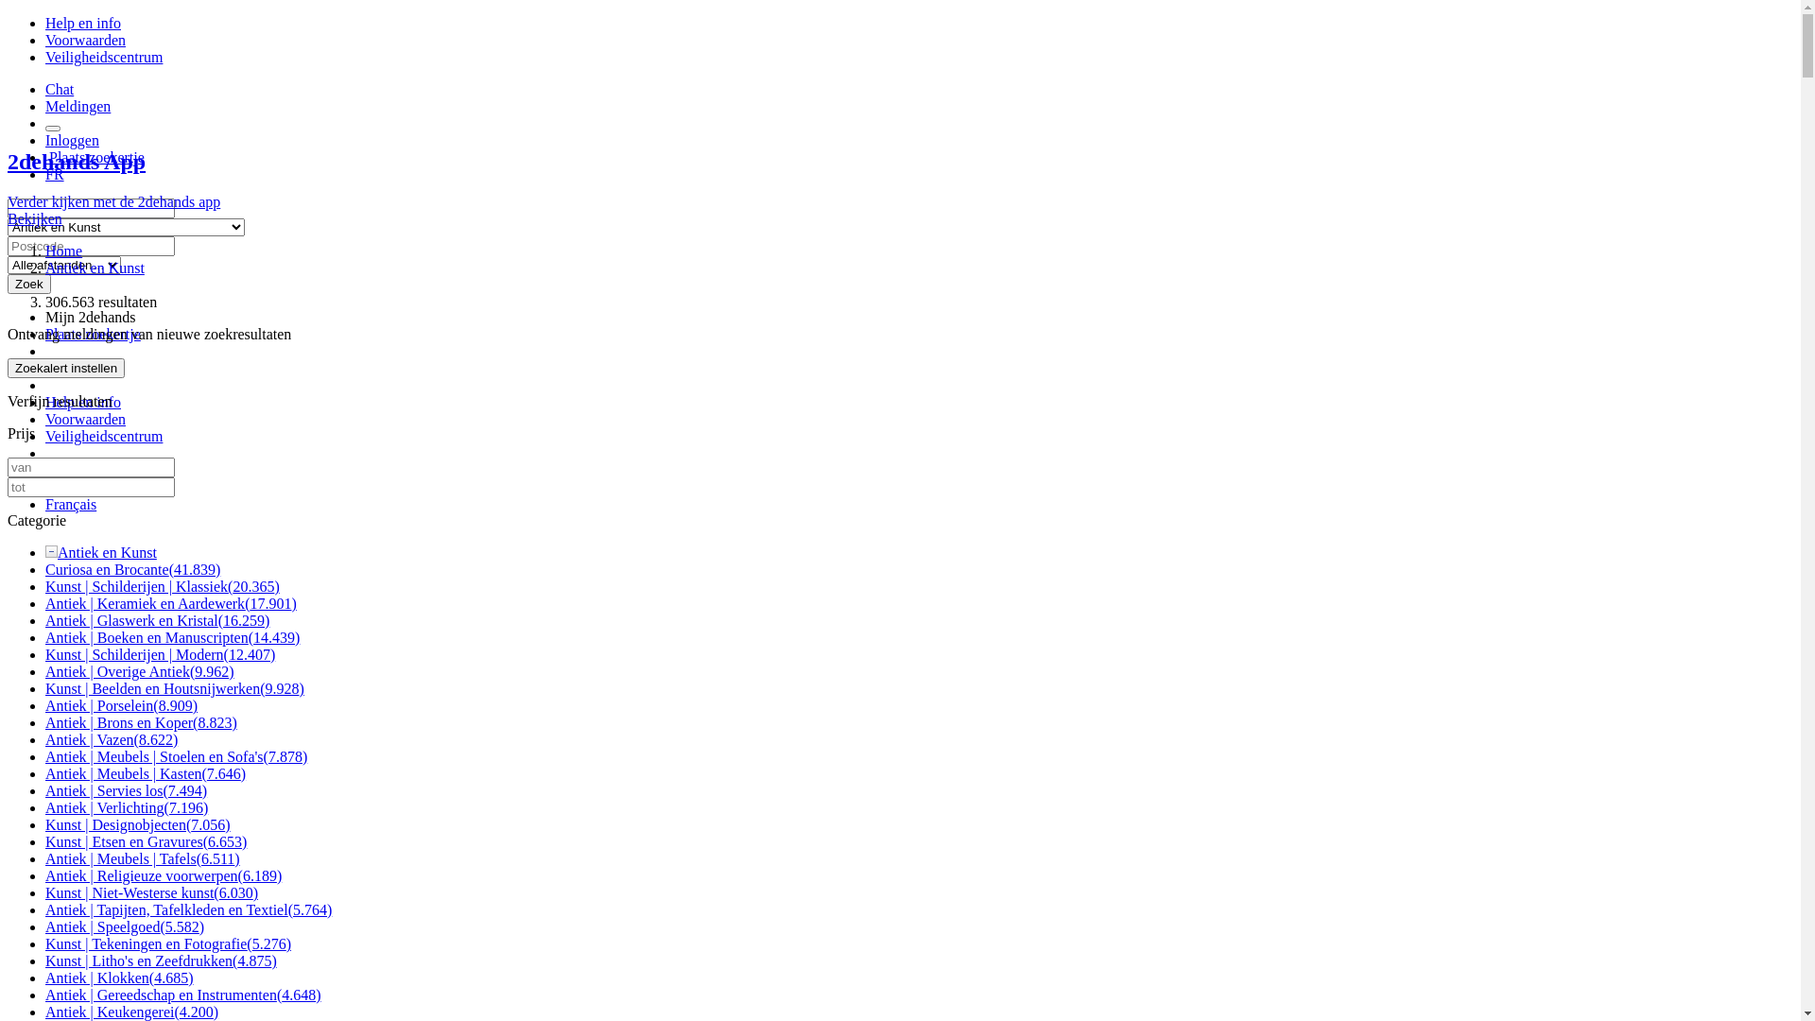  I want to click on 'Antiek | Keukengerei(4.200)', so click(130, 1011).